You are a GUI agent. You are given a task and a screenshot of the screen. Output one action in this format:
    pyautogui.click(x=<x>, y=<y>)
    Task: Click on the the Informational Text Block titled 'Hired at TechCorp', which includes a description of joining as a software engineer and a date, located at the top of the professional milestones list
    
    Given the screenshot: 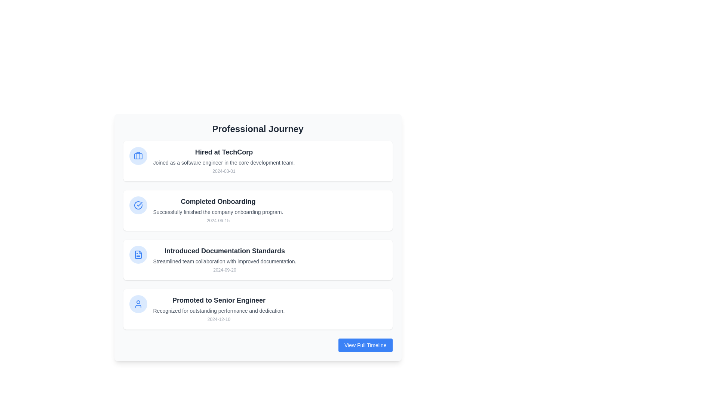 What is the action you would take?
    pyautogui.click(x=224, y=161)
    